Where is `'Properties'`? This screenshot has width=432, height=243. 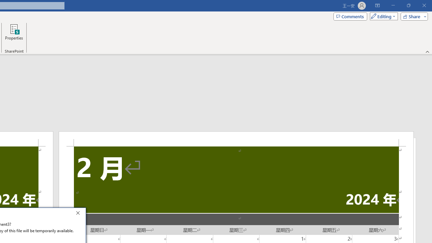
'Properties' is located at coordinates (14, 35).